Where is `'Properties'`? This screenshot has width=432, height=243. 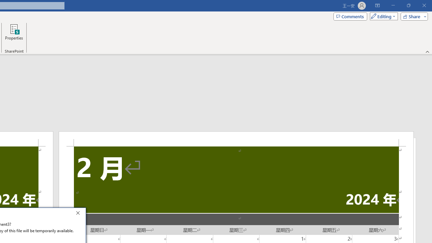
'Properties' is located at coordinates (14, 35).